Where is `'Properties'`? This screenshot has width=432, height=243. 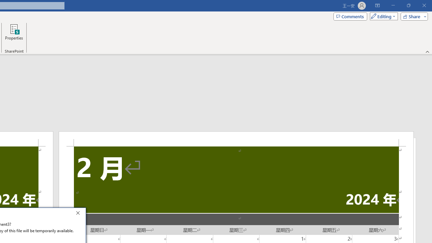
'Properties' is located at coordinates (14, 35).